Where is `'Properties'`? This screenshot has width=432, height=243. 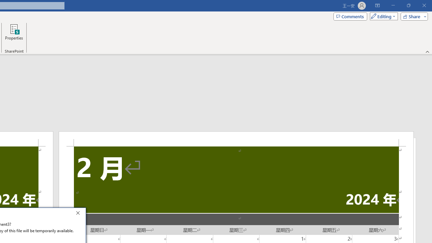
'Properties' is located at coordinates (14, 35).